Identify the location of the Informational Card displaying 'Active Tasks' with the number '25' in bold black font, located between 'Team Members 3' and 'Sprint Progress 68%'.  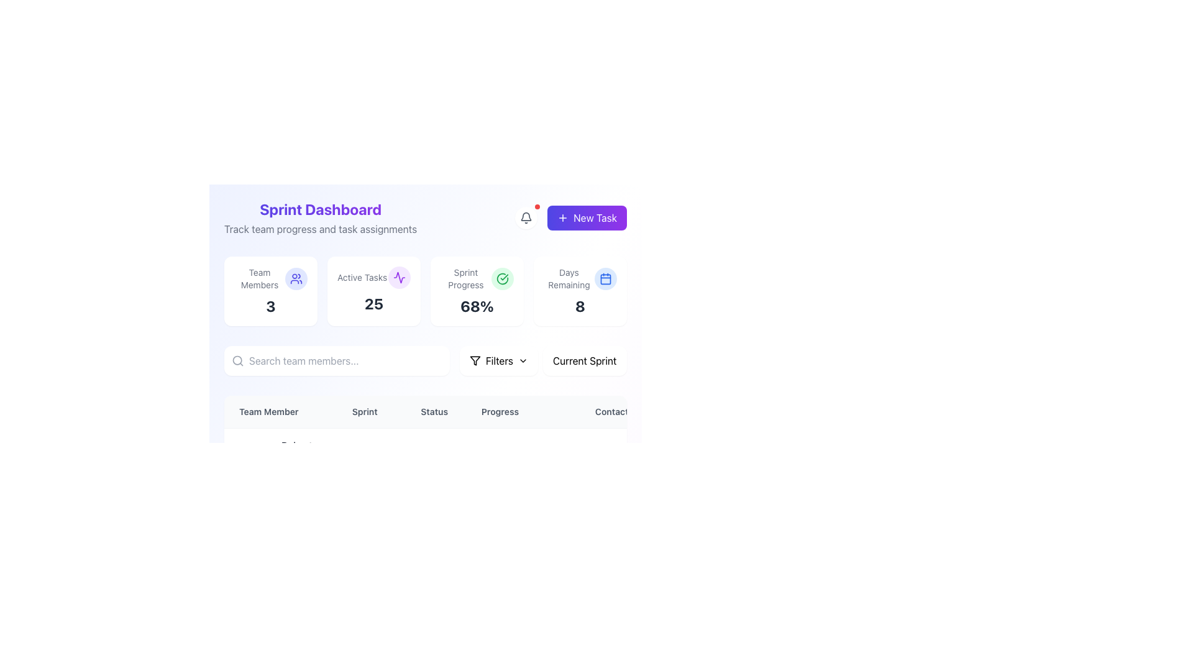
(373, 291).